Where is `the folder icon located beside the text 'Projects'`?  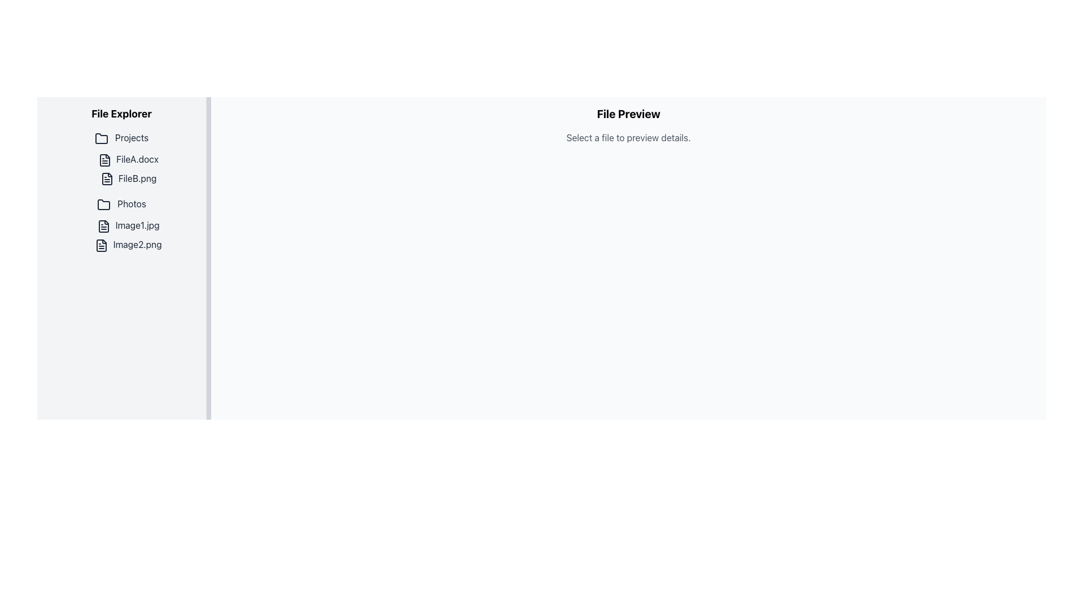
the folder icon located beside the text 'Projects' is located at coordinates (101, 138).